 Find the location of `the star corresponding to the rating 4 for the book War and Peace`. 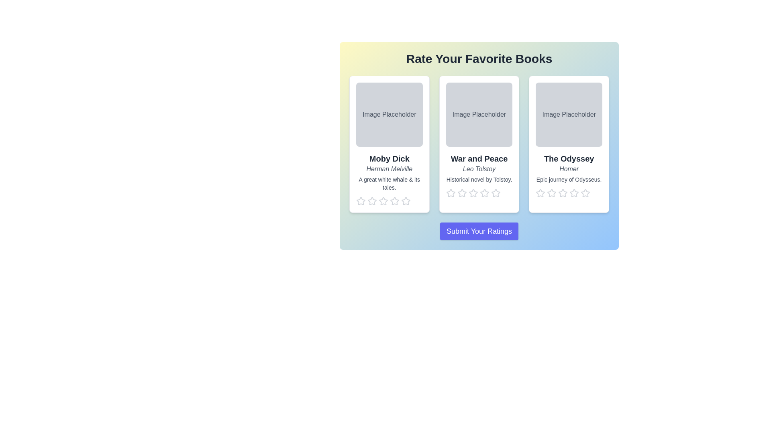

the star corresponding to the rating 4 for the book War and Peace is located at coordinates (484, 193).